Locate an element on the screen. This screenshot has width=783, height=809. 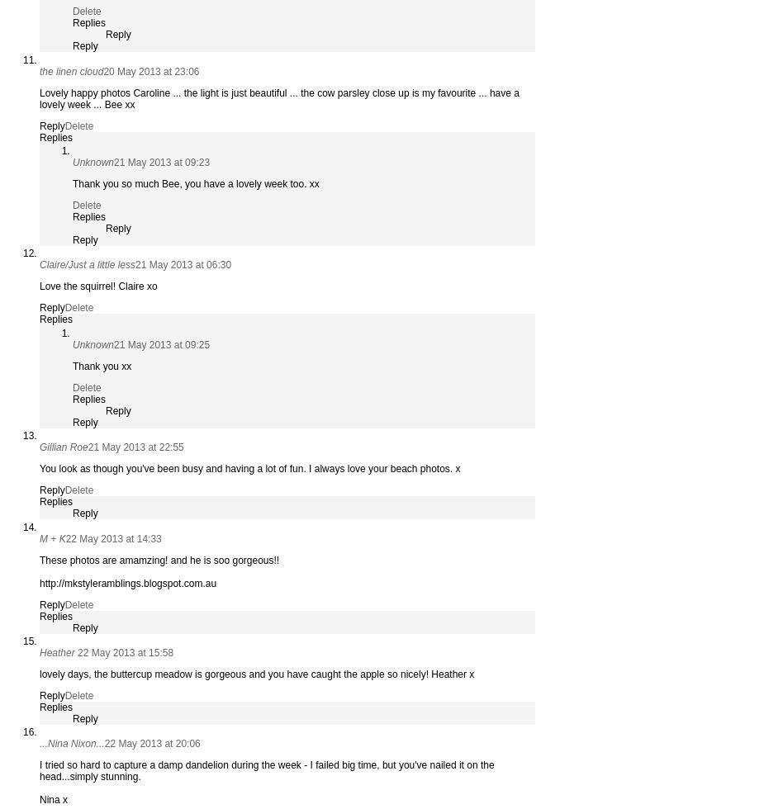
'21 May 2013 at 22:55' is located at coordinates (87, 447).